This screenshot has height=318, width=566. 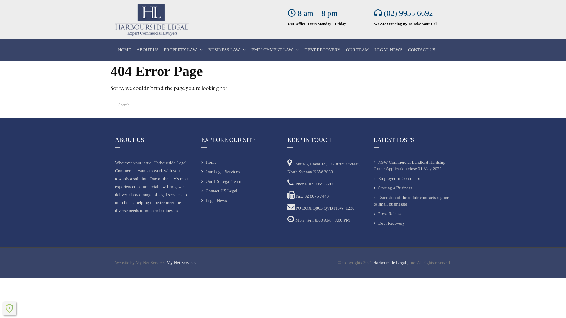 What do you see at coordinates (373, 262) in the screenshot?
I see `'Harbourside Legal'` at bounding box center [373, 262].